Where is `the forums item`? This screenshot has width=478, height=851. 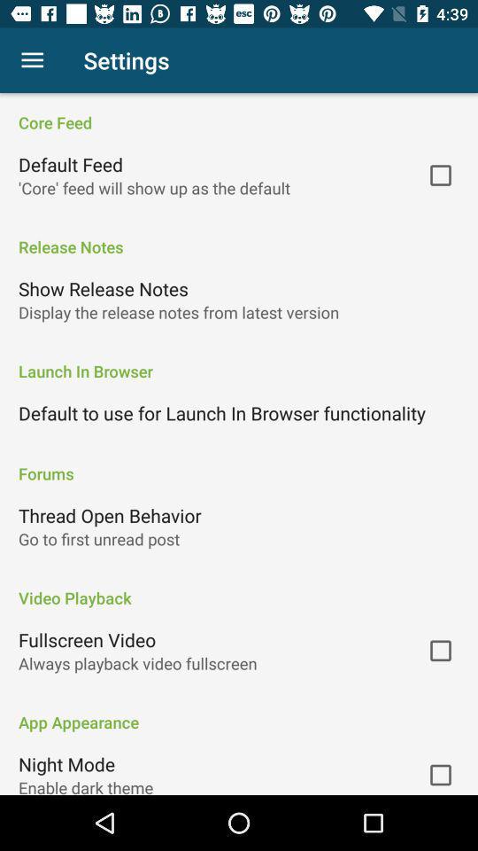 the forums item is located at coordinates (239, 463).